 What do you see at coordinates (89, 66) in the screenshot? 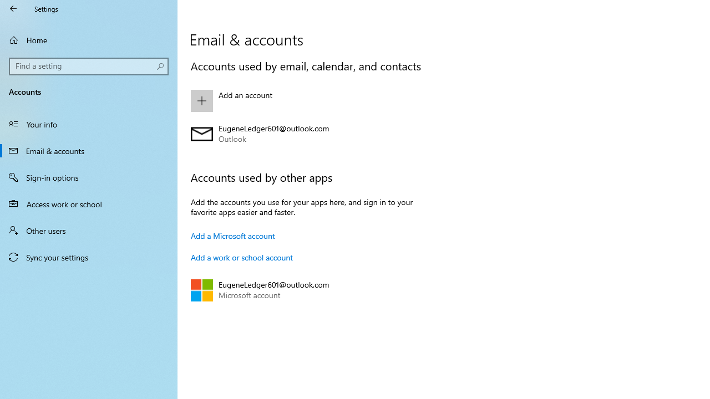
I see `'Search box, Find a setting'` at bounding box center [89, 66].